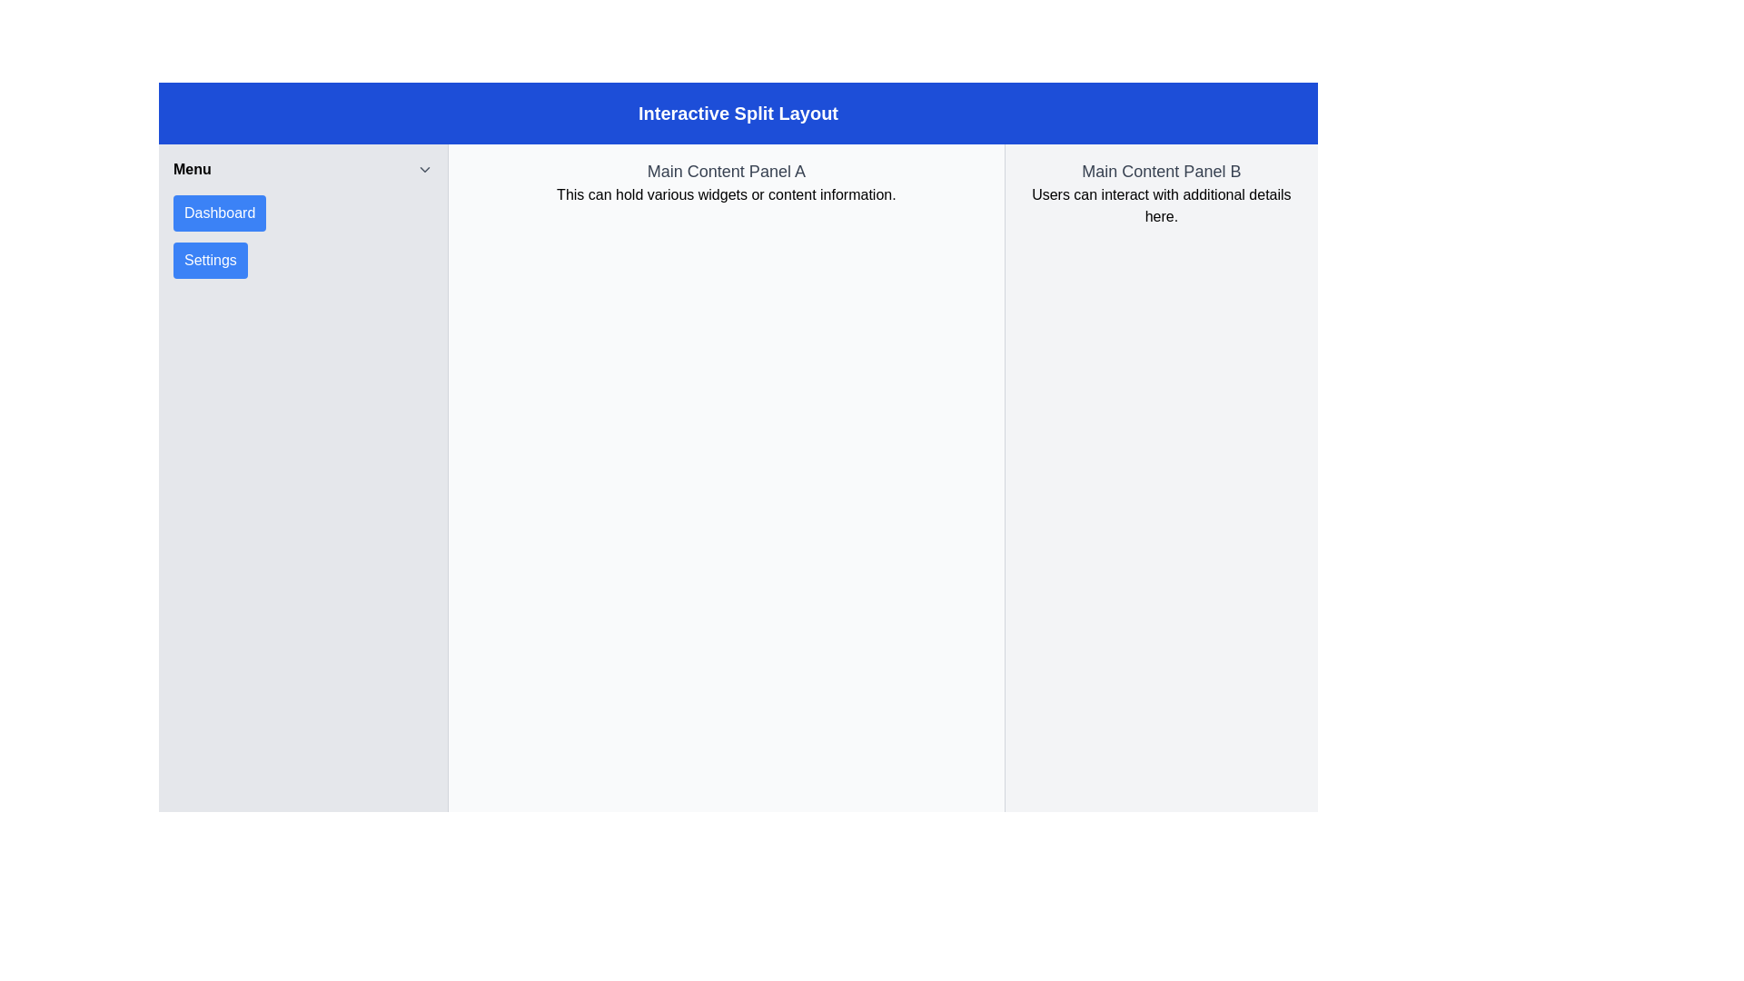 The height and width of the screenshot is (981, 1744). What do you see at coordinates (219, 213) in the screenshot?
I see `the 'Dashboard' button, which is the first button in the vertical list of the side navigation menu on the left side, to trigger visual changes` at bounding box center [219, 213].